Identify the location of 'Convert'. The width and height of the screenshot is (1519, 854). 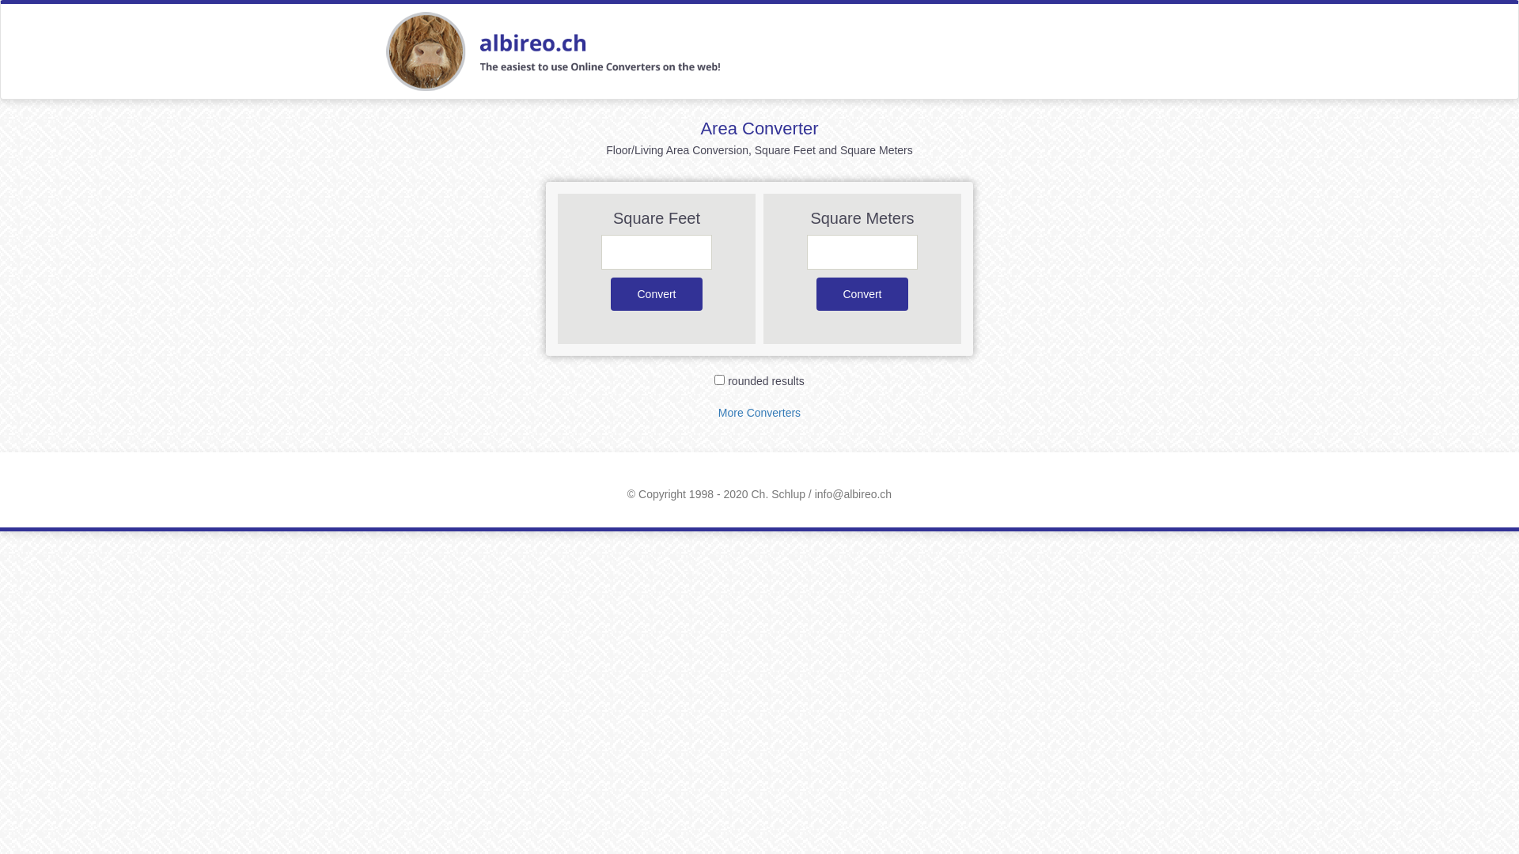
(657, 293).